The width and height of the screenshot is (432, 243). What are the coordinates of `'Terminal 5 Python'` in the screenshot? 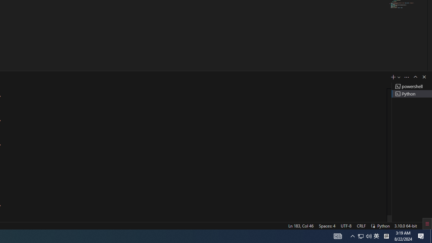 It's located at (411, 93).